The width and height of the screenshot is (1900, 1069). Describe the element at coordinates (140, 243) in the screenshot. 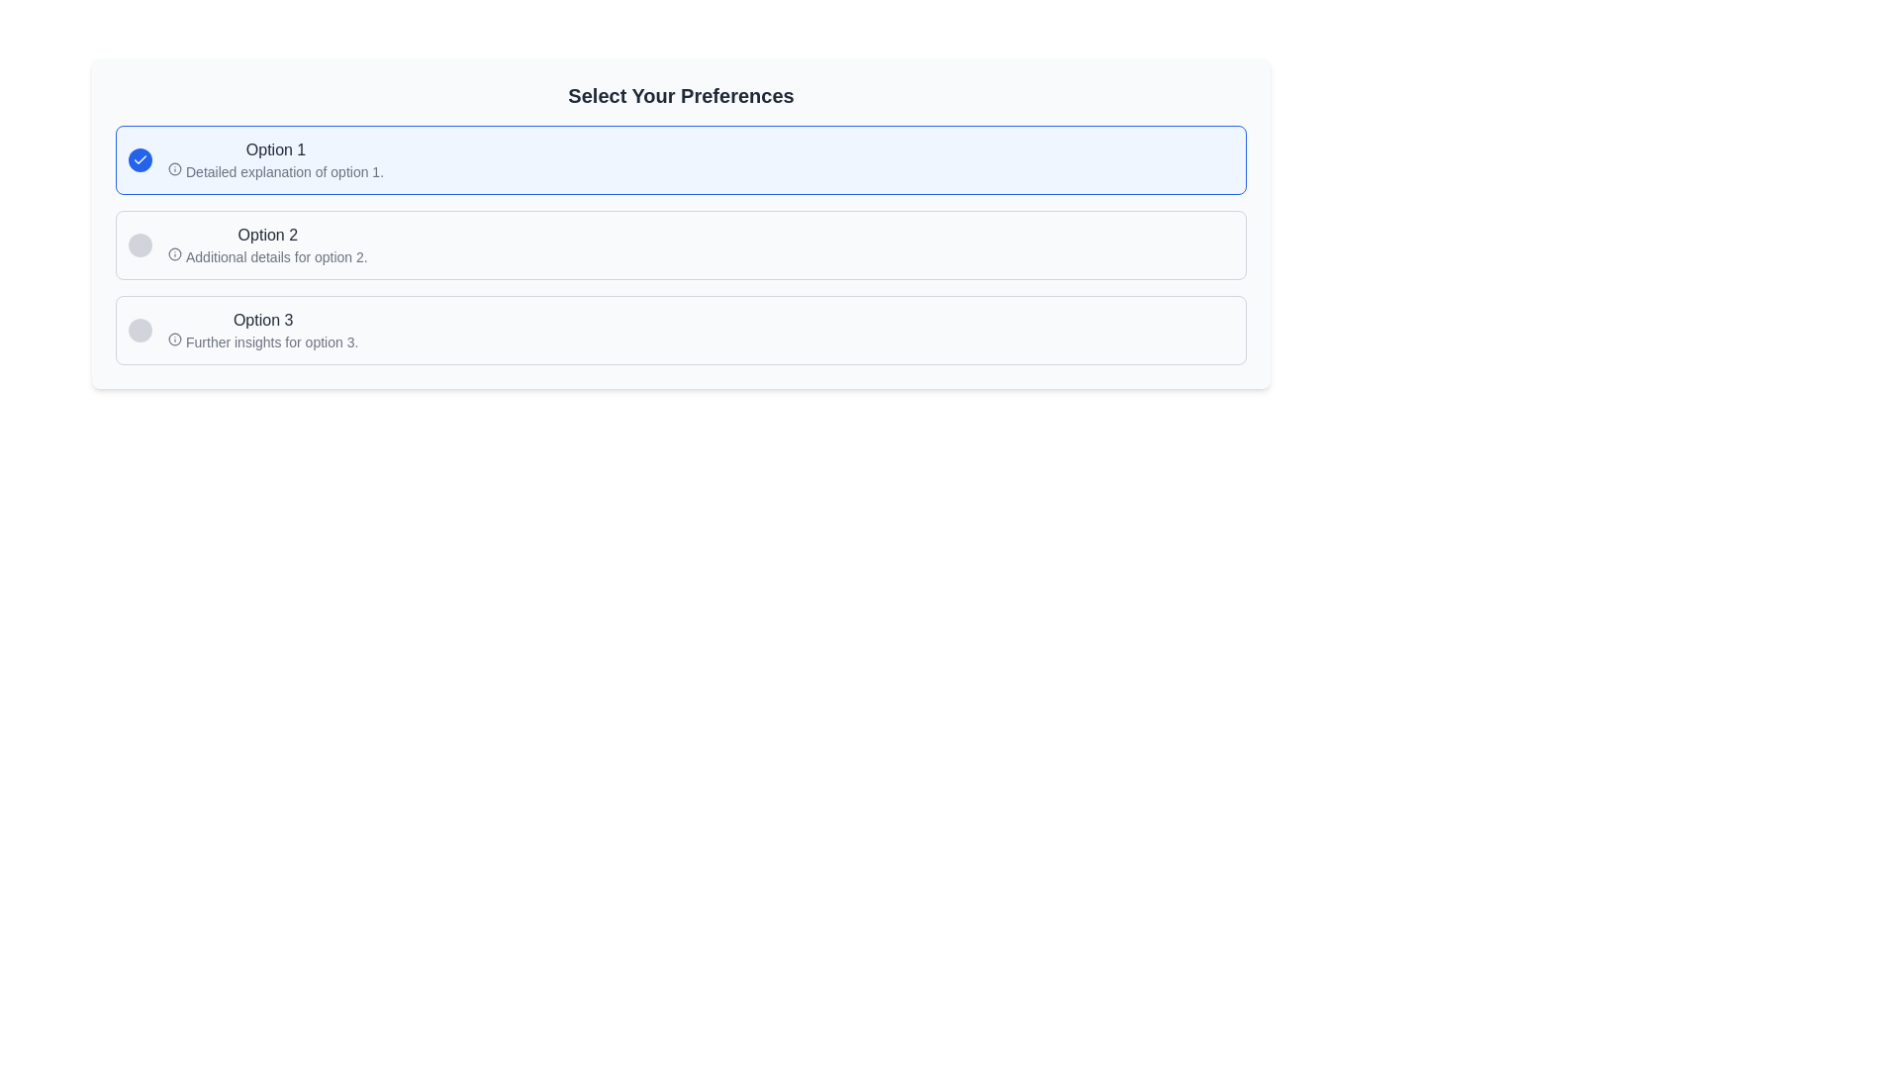

I see `the second circular indicator element with a neutral gray background located under the 'Option 2' section` at that location.